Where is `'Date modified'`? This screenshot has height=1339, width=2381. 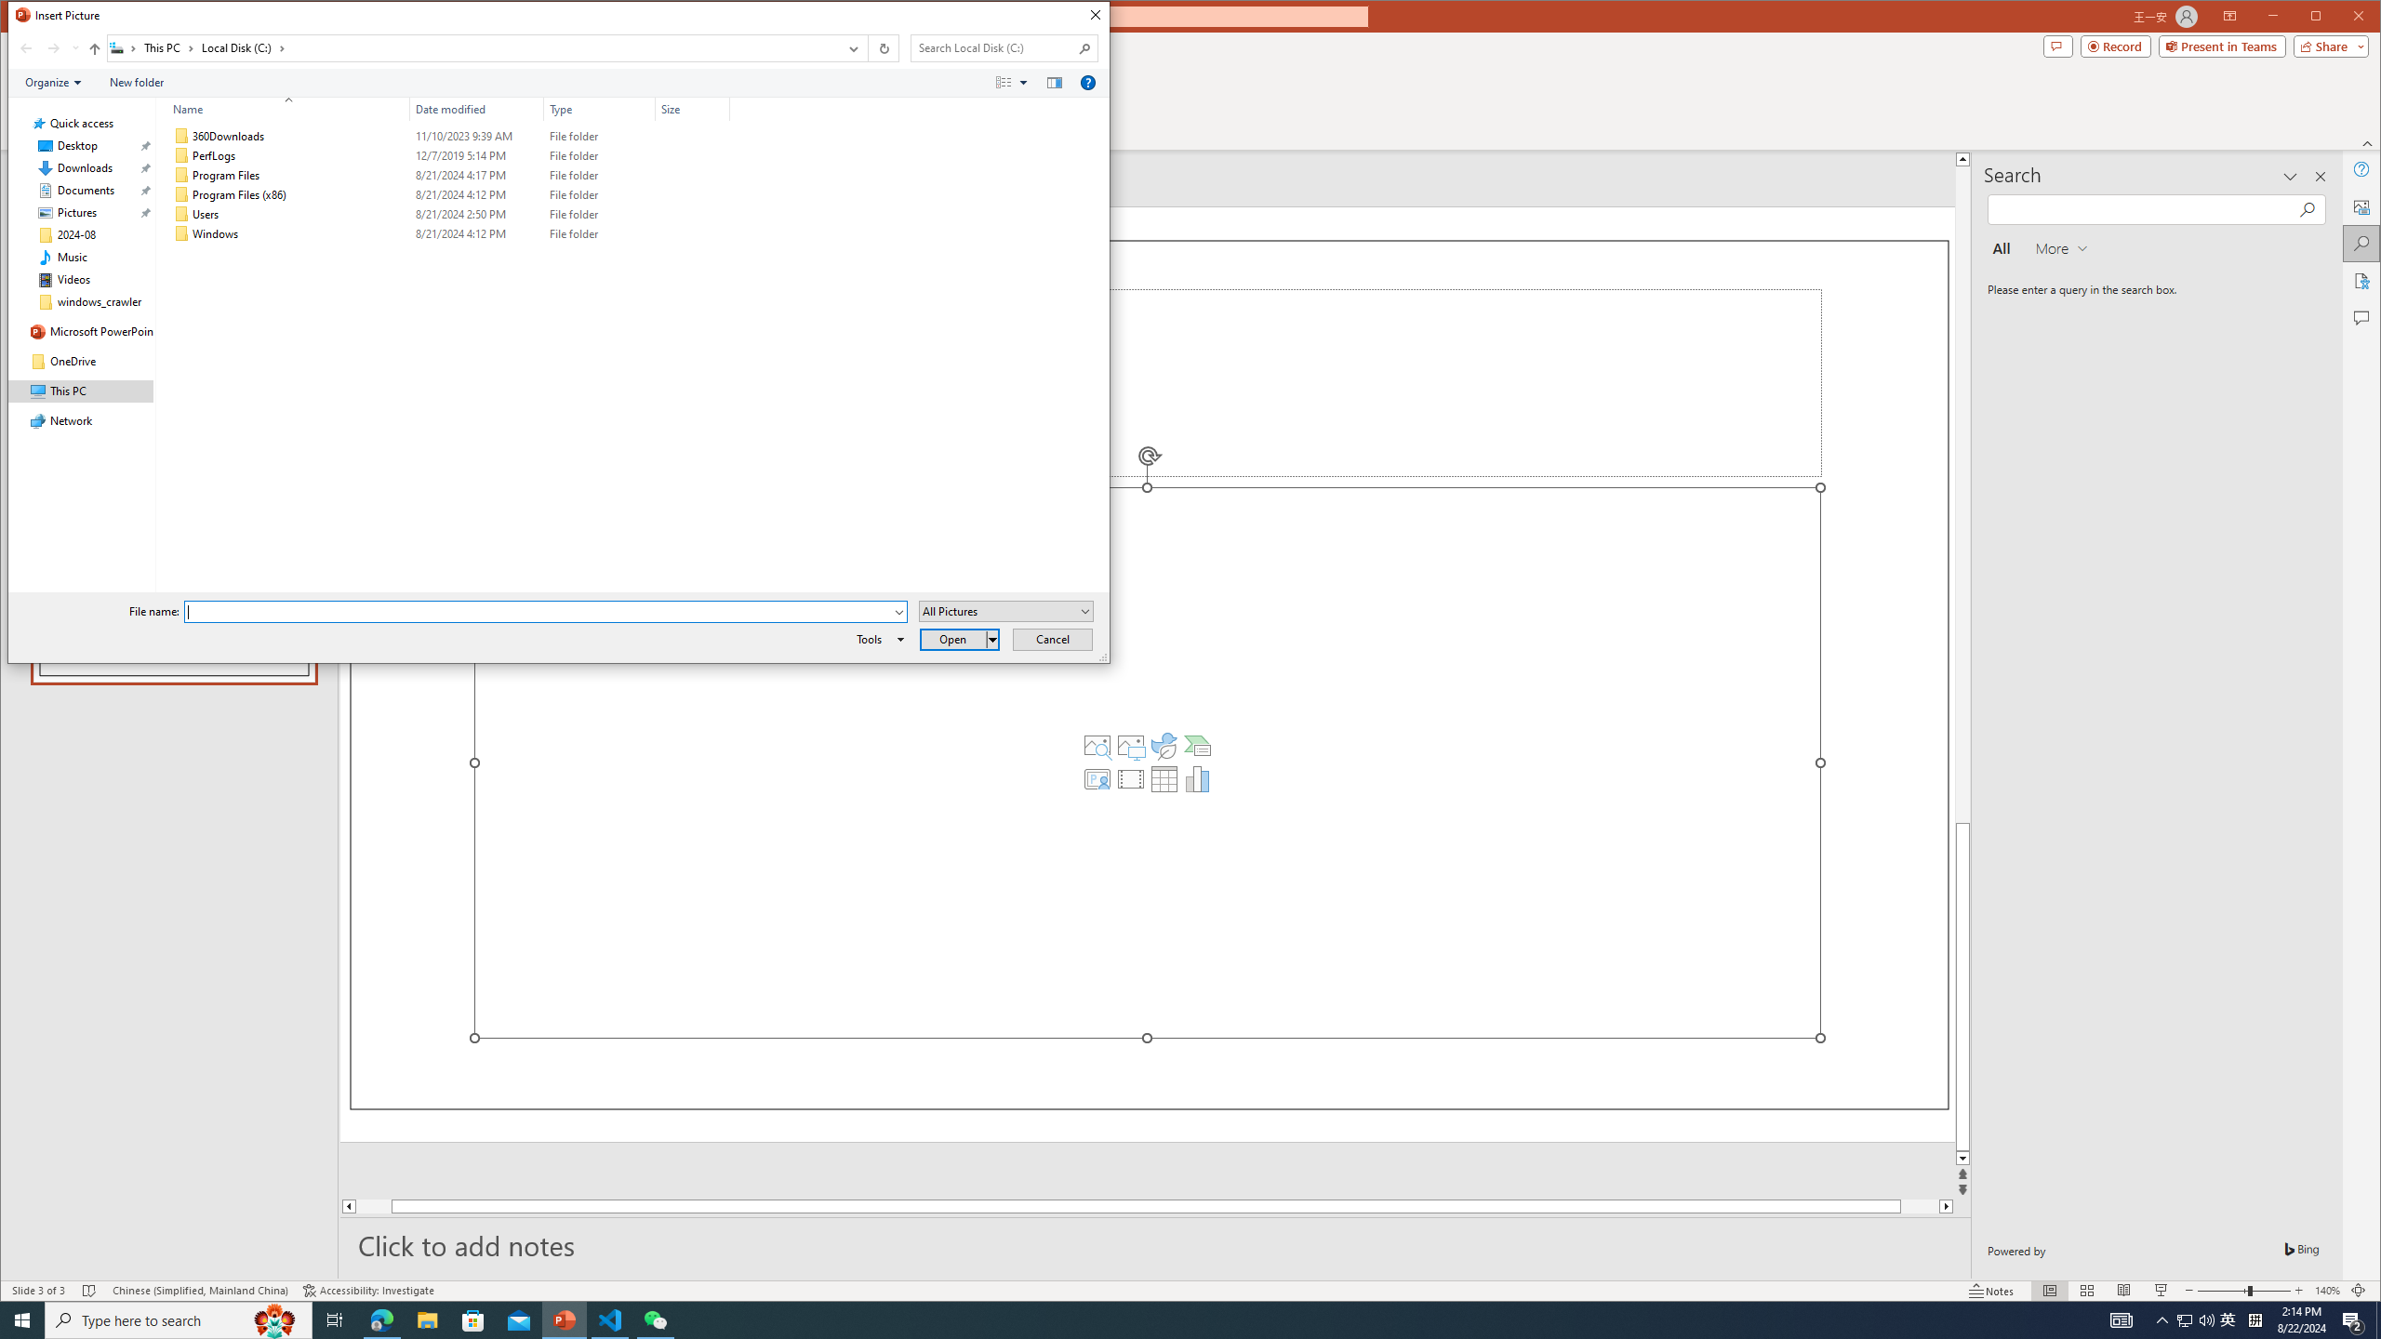
'Date modified' is located at coordinates (477, 108).